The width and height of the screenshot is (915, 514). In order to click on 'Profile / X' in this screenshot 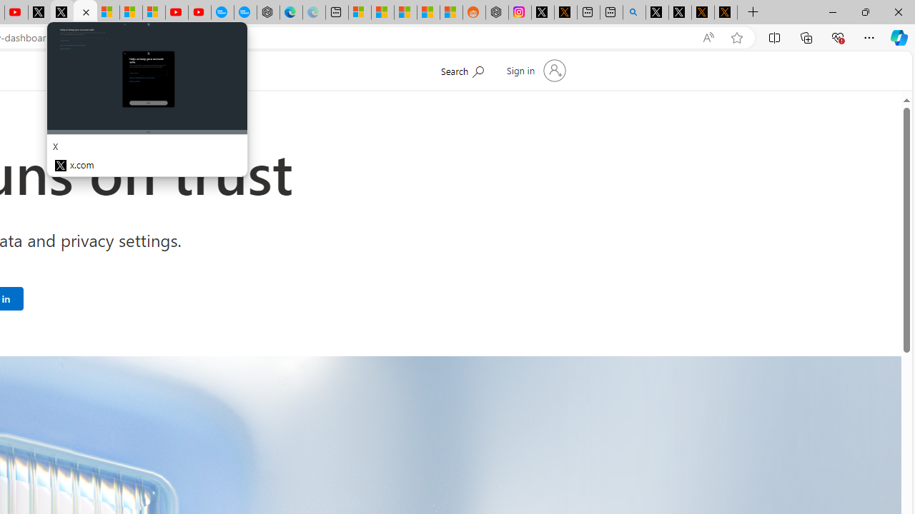, I will do `click(656, 12)`.